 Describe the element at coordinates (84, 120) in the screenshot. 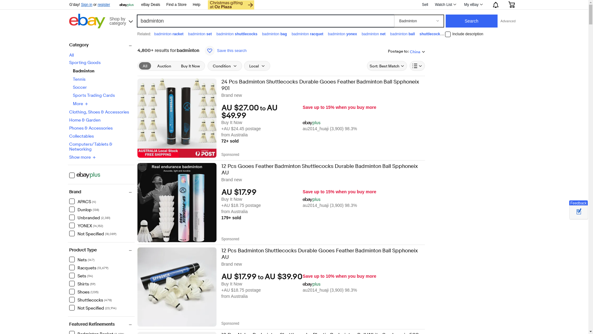

I see `'Home & Garden'` at that location.